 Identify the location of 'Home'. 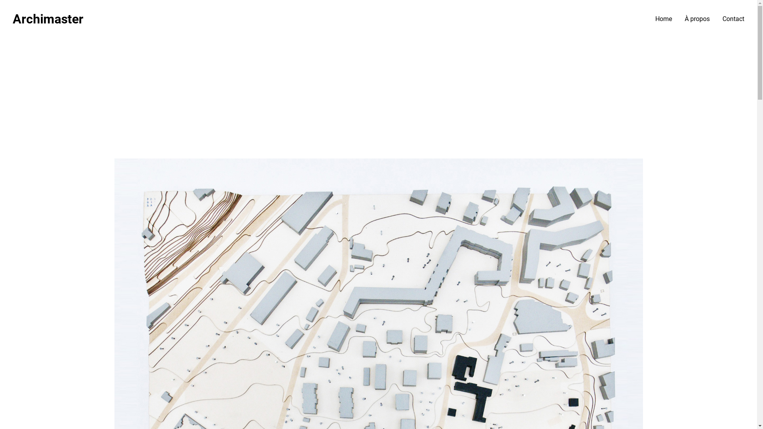
(664, 18).